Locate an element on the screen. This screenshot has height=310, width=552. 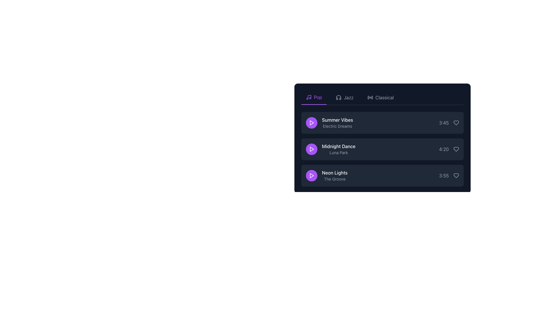
text displayed in the Text Display element, which shows 'Summer Vibes' in bold white text and 'Electric Dreams' in smaller gray font is located at coordinates (337, 123).